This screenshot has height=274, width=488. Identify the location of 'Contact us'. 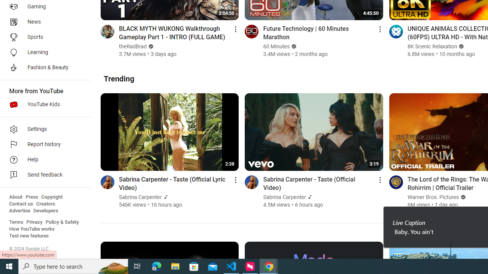
(21, 204).